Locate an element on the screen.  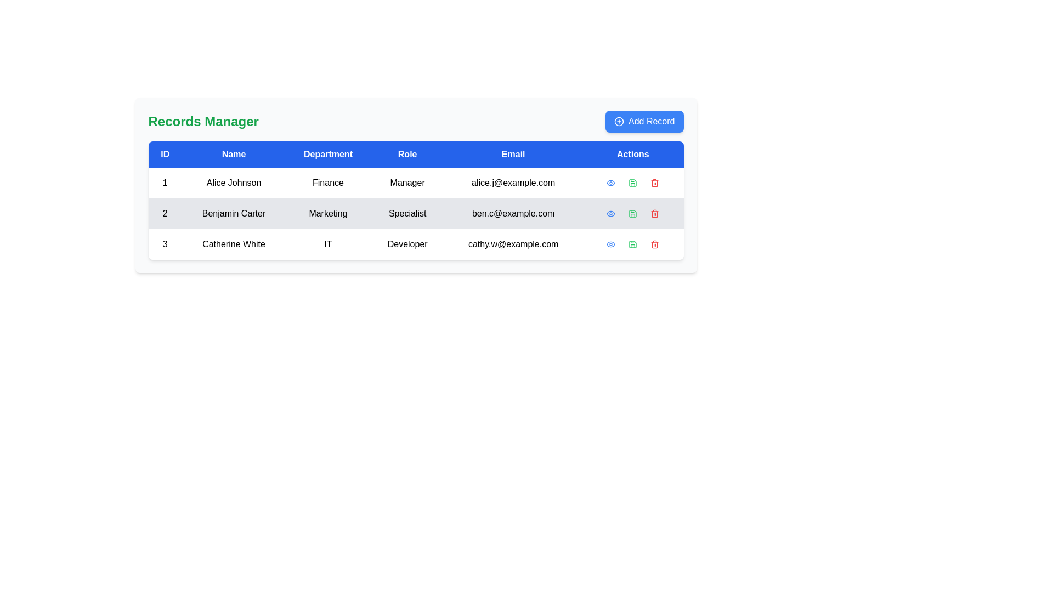
the 'View' action button, which is the leftmost icon in the 'Actions' column of the first row in the table is located at coordinates (610, 183).